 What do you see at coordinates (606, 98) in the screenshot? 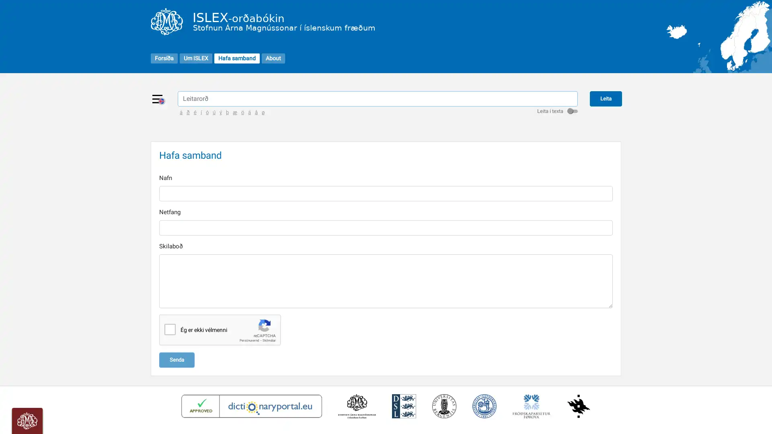
I see `Leita` at bounding box center [606, 98].